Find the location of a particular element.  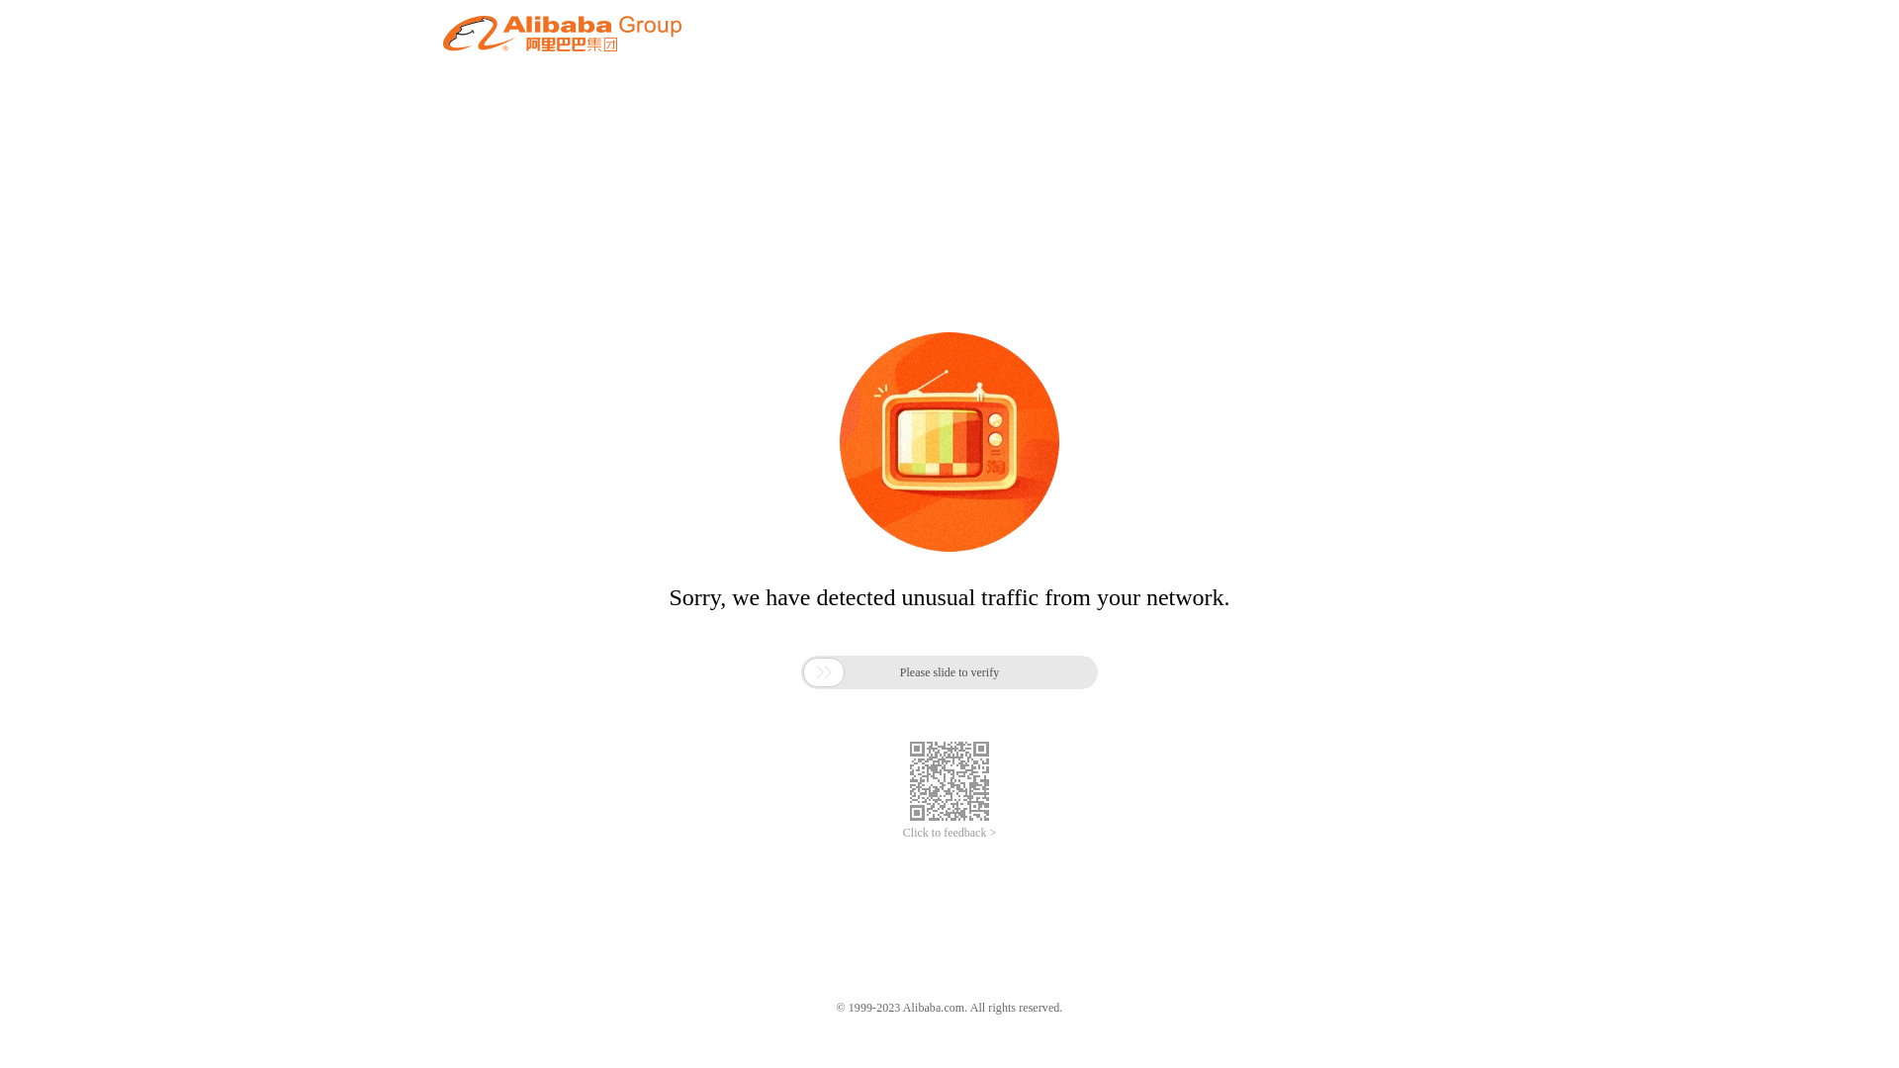

'Click to feedback >' is located at coordinates (949, 833).